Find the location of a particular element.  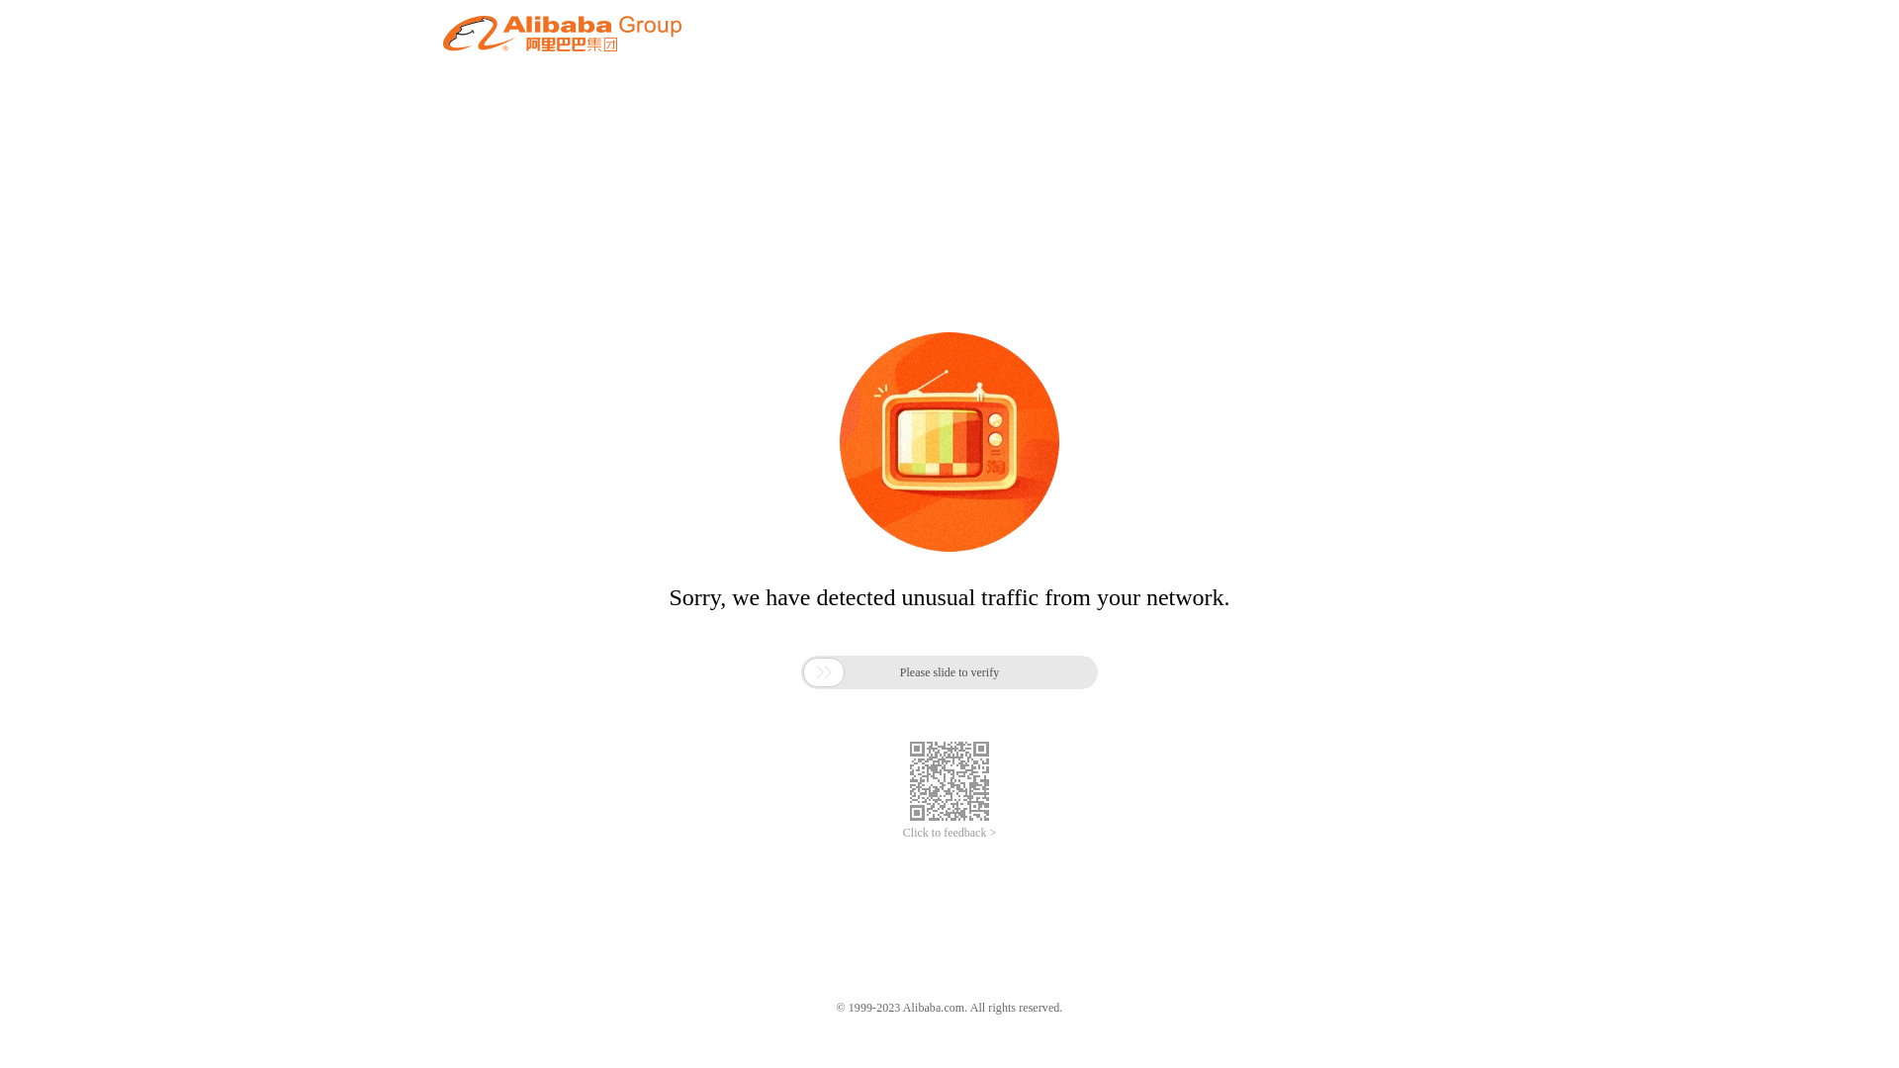

'Click to feedback >' is located at coordinates (949, 833).